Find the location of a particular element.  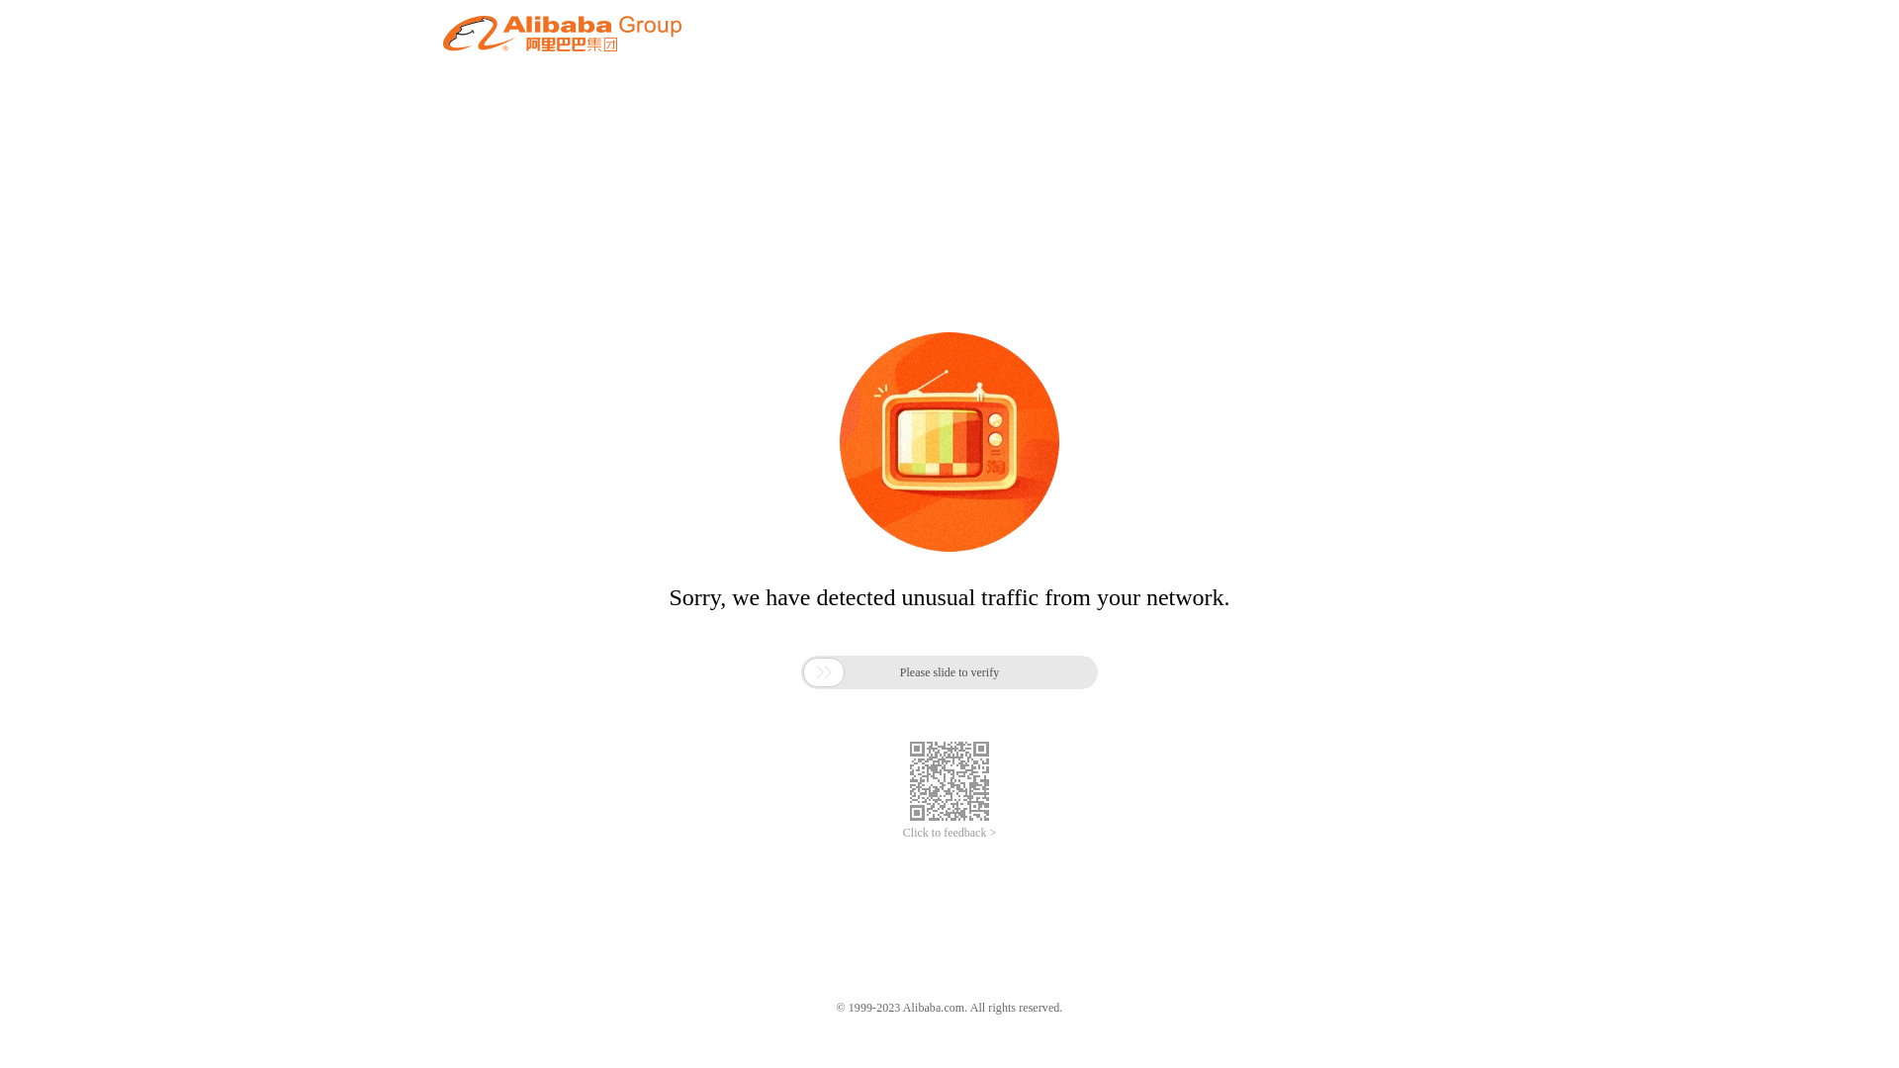

'Click to feedback >' is located at coordinates (949, 833).